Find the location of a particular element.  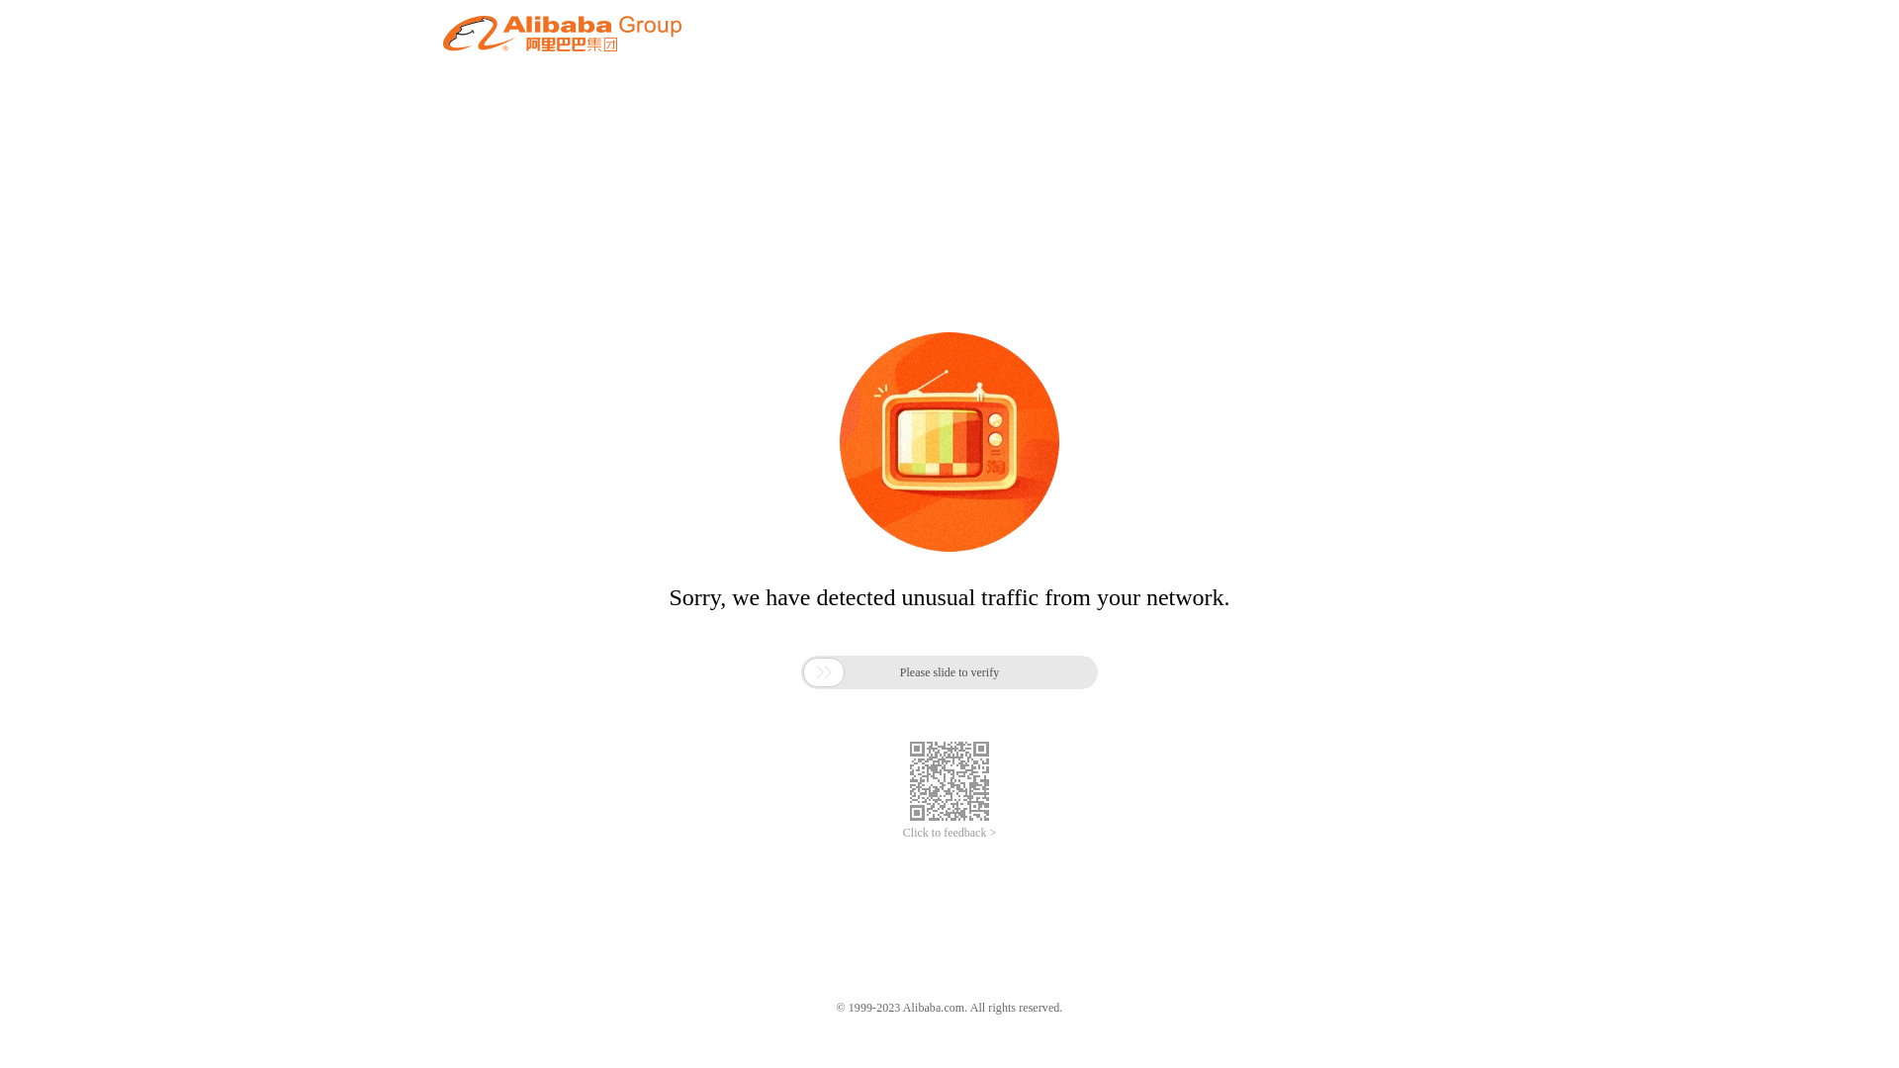

'Click to feedback >' is located at coordinates (949, 833).